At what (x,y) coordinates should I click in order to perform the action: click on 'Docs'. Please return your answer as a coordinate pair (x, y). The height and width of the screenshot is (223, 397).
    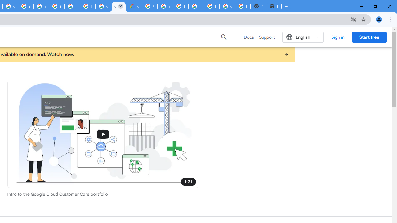
    Looking at the image, I should click on (249, 37).